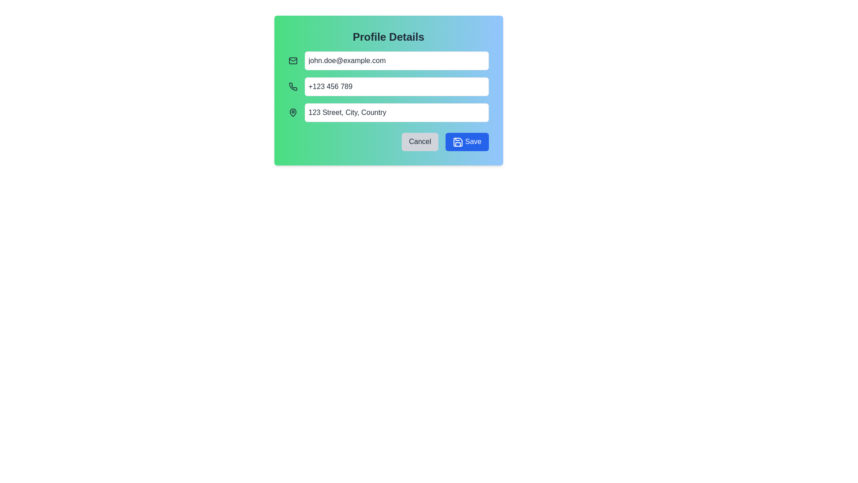 Image resolution: width=858 pixels, height=483 pixels. I want to click on the 'Cancel' button, which is a rectangular button with rounded corners and a gray background, to change its background color, so click(420, 141).